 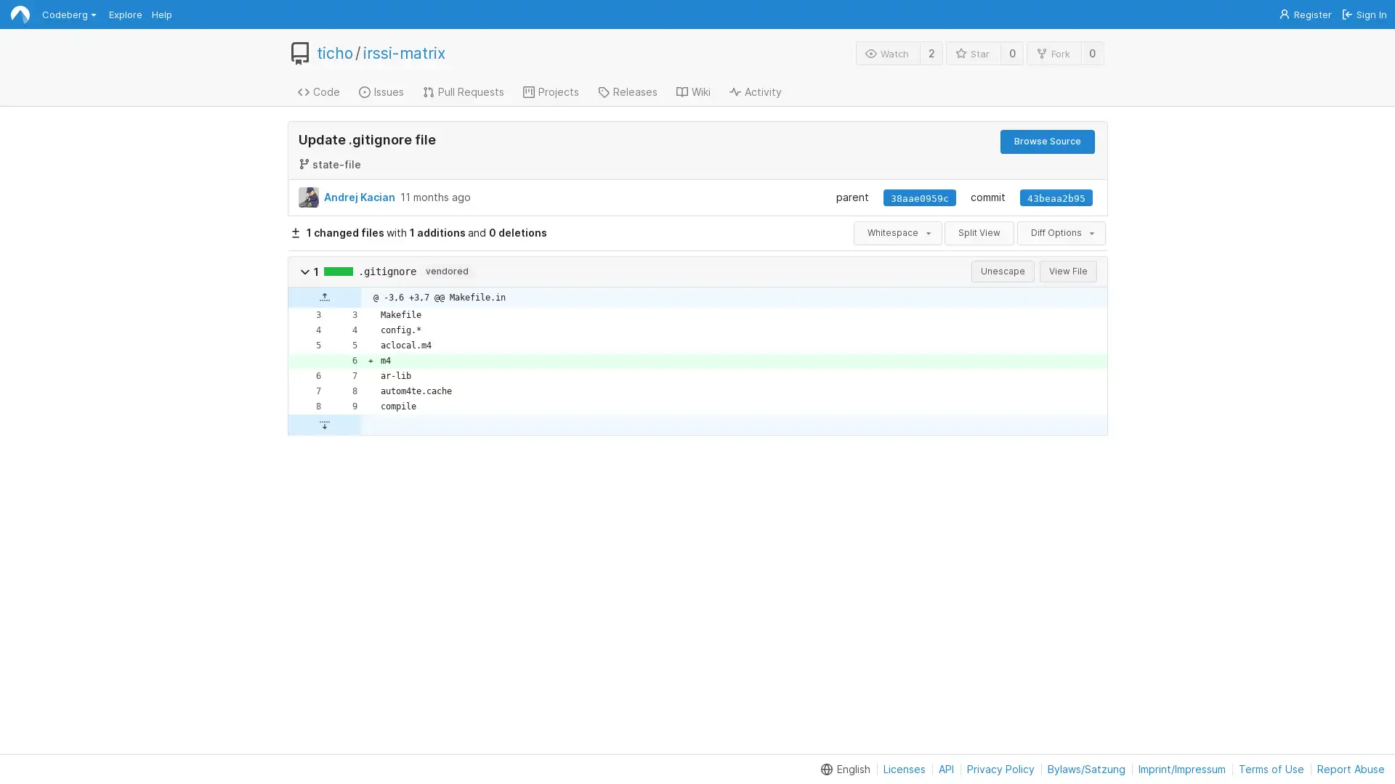 What do you see at coordinates (973, 52) in the screenshot?
I see `Star` at bounding box center [973, 52].